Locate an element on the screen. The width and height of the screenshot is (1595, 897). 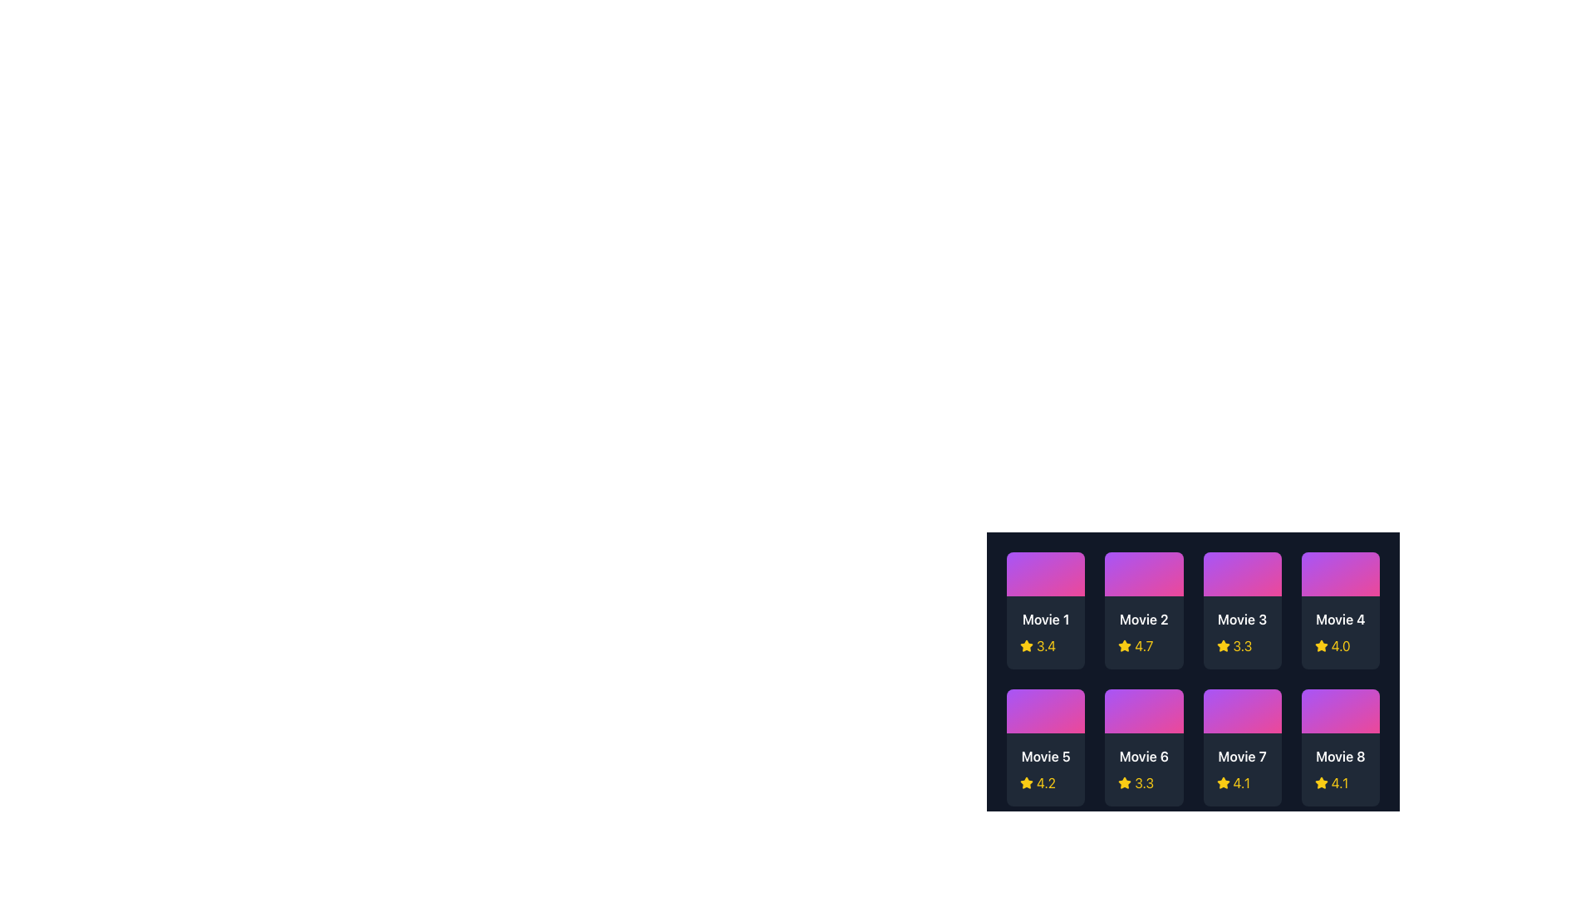
the yellow-colored star icon in the rating display for 'Movie 1', which is located adjacent to the numeric rating '3.4' is located at coordinates (1026, 645).